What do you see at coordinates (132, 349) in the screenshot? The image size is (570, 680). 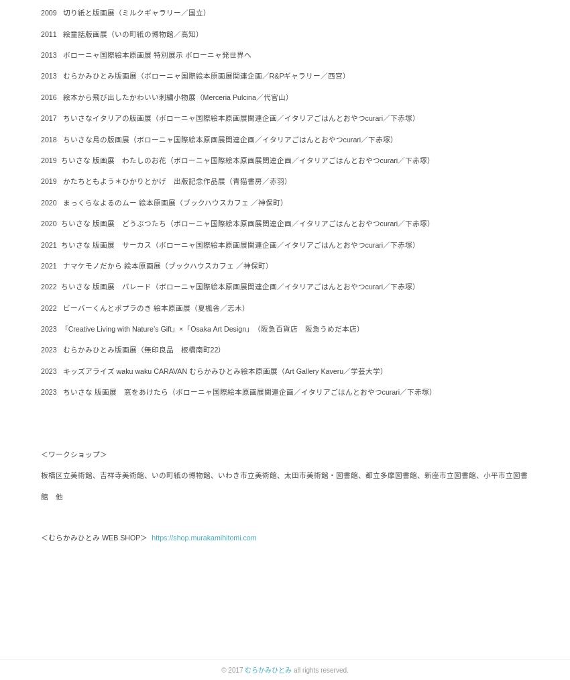 I see `'2023   むらかみひとみ版画展（無印良品　板橋南町22）'` at bounding box center [132, 349].